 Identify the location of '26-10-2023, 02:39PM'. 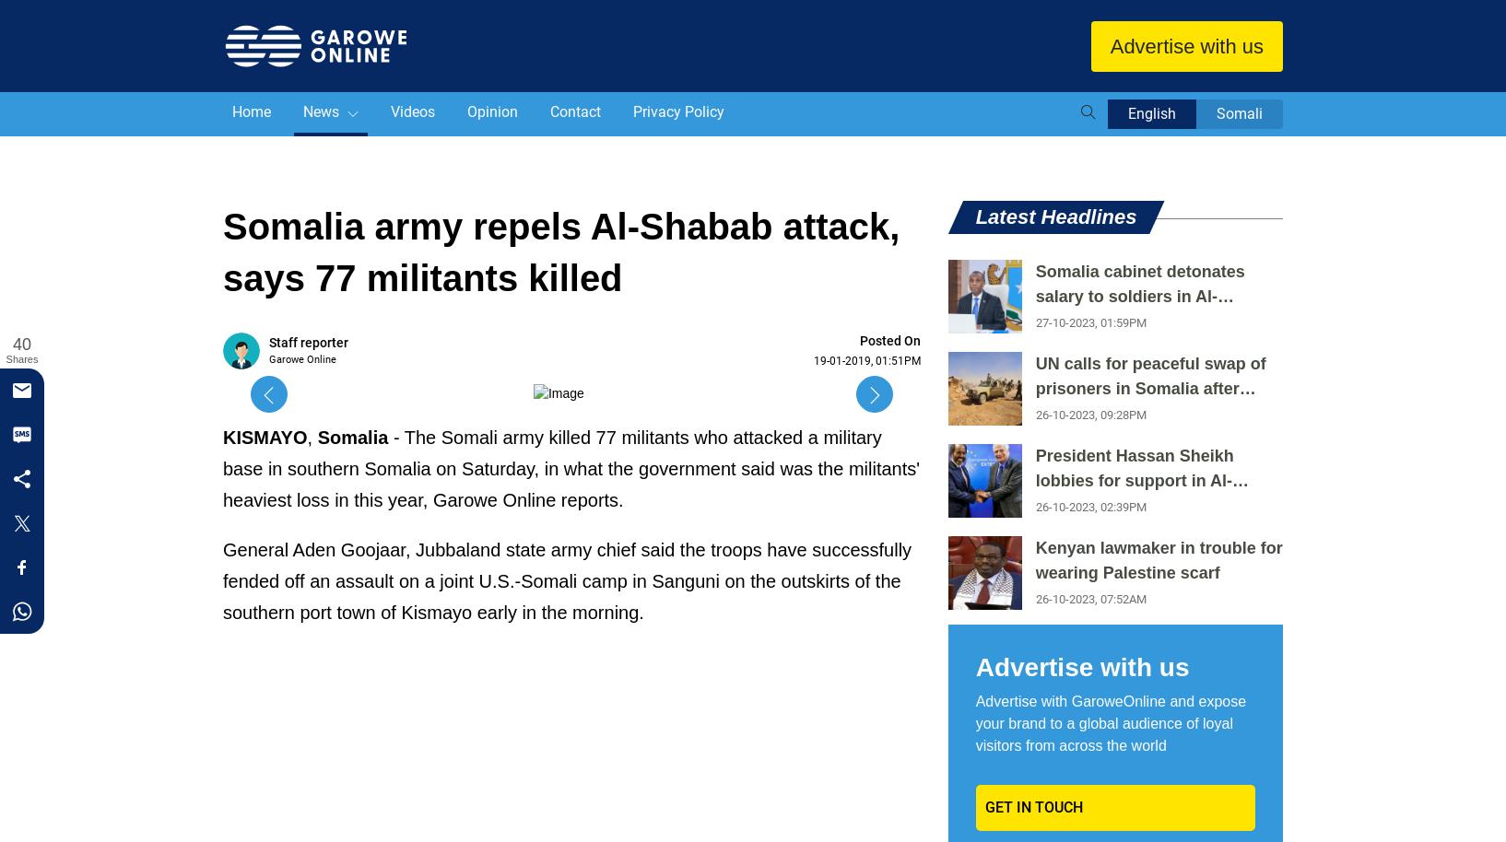
(1089, 507).